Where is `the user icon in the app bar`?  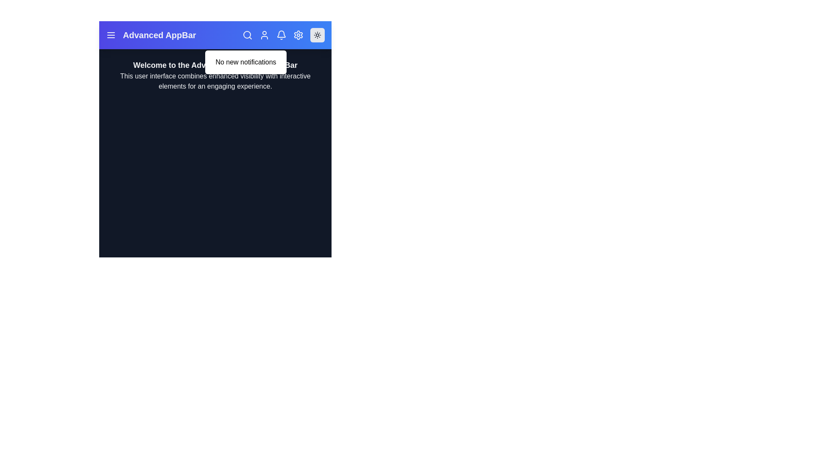
the user icon in the app bar is located at coordinates (264, 35).